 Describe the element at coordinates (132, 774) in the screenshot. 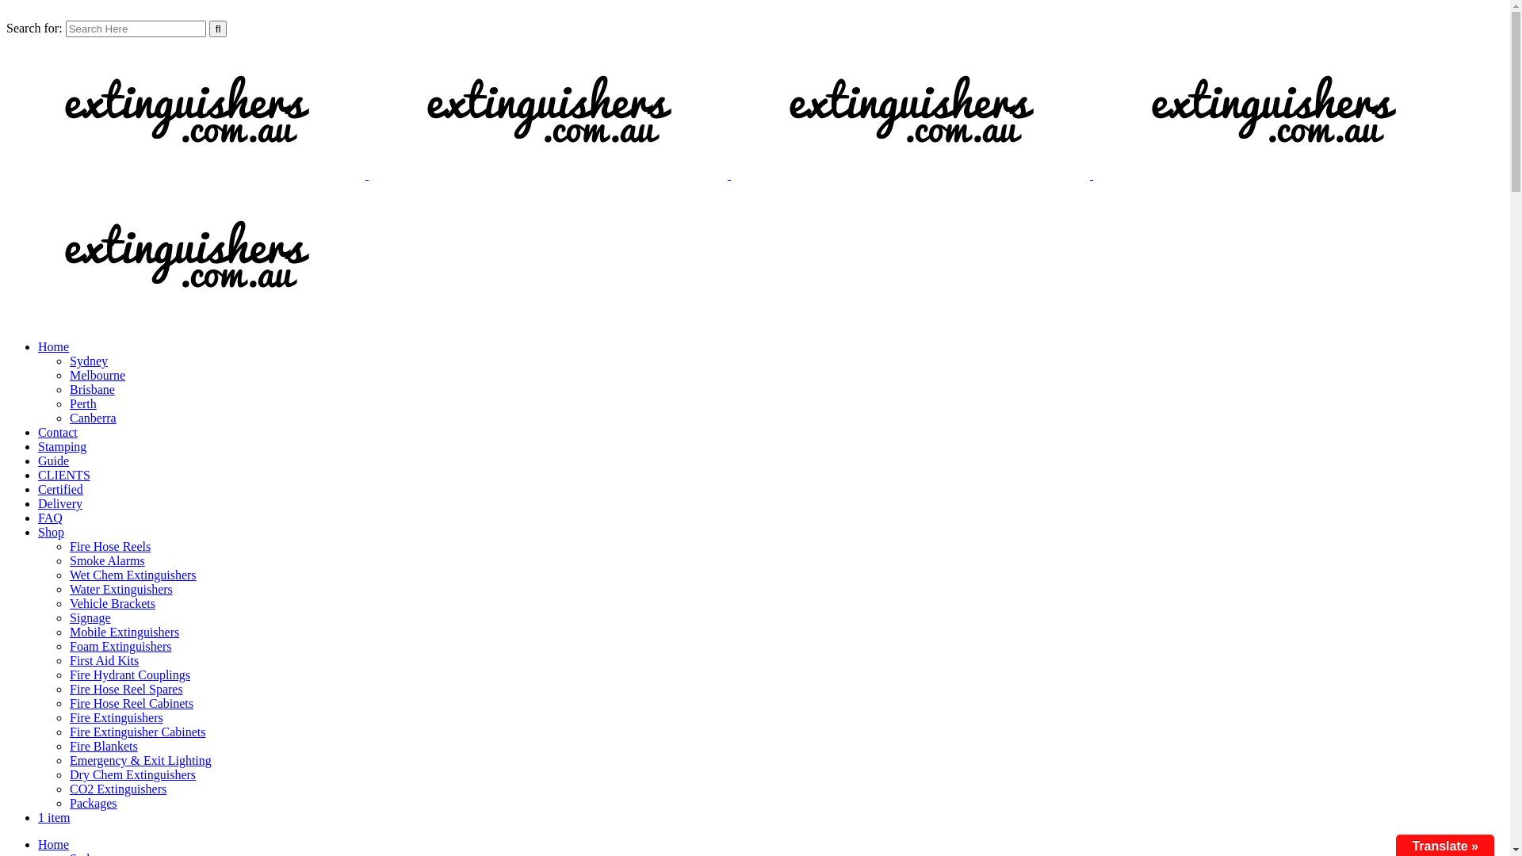

I see `'Dry Chem Extinguishers'` at that location.